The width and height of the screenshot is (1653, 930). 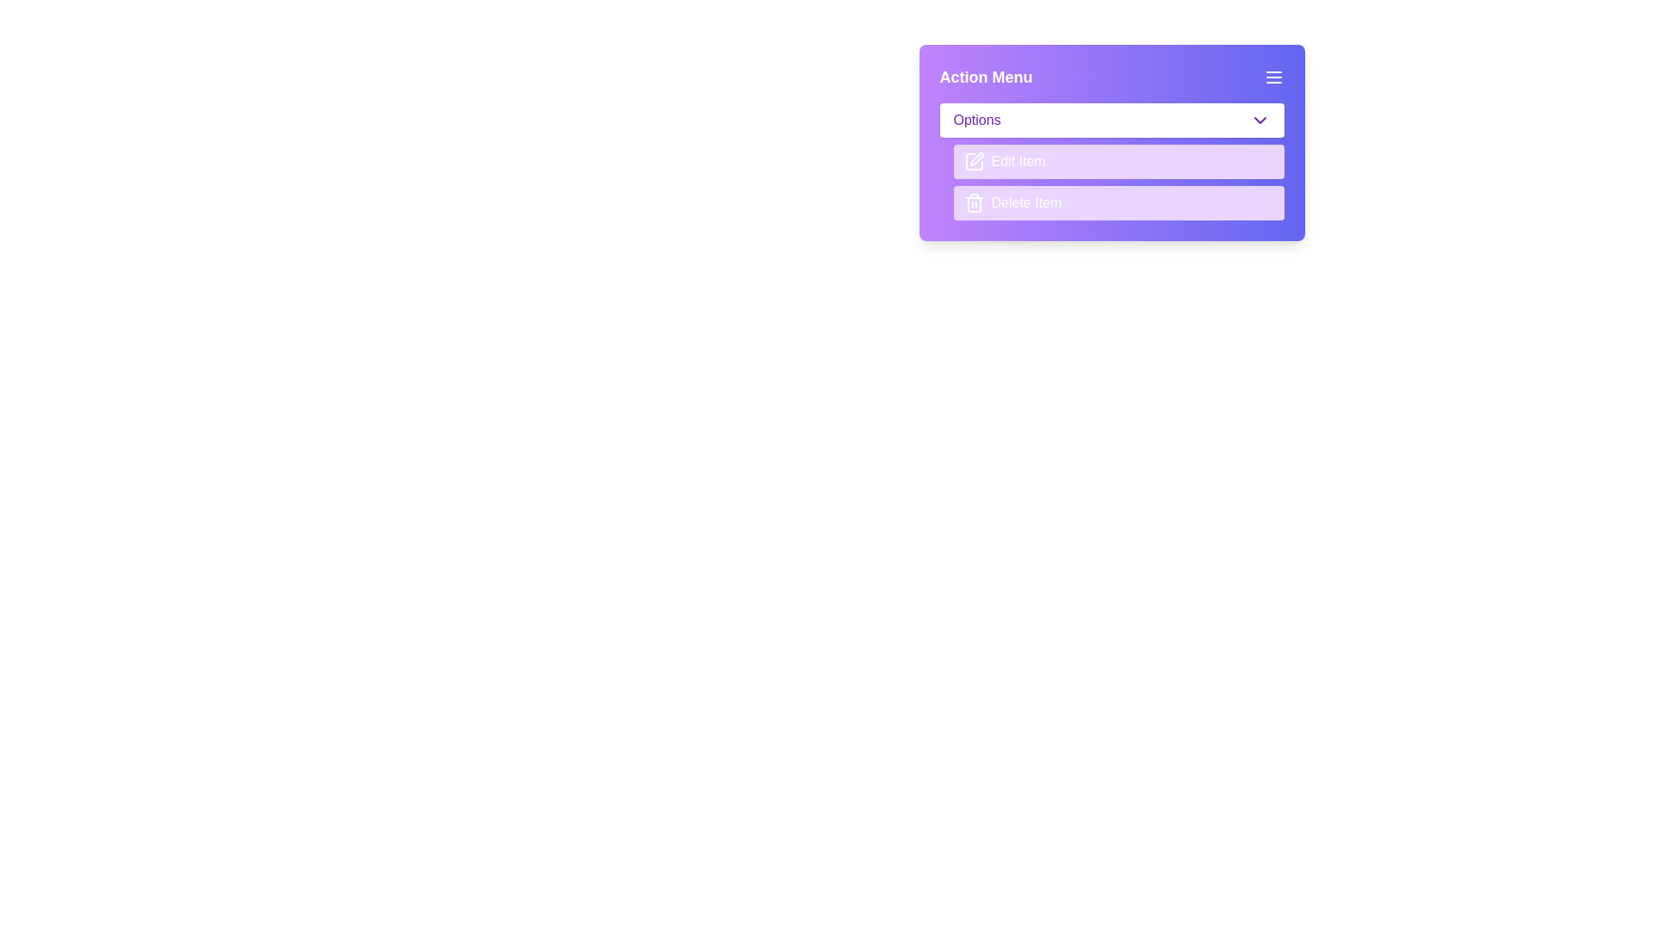 I want to click on the Decorative icon, which is a segment of a square icon with a line extending into it, representing a part of a pen or writing tool, located to the left of the text 'Edit Item', so click(x=974, y=162).